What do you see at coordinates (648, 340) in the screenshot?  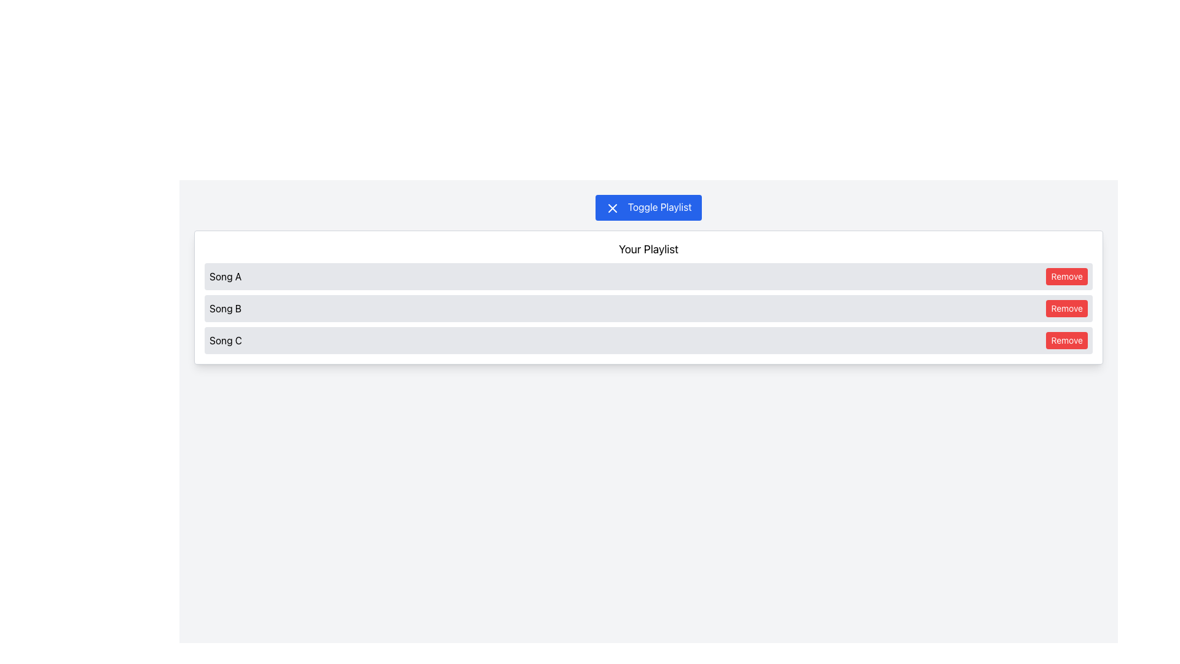 I see `the List entry with action button that contains the text label 'Song C' and the red button labeled 'Remove'` at bounding box center [648, 340].